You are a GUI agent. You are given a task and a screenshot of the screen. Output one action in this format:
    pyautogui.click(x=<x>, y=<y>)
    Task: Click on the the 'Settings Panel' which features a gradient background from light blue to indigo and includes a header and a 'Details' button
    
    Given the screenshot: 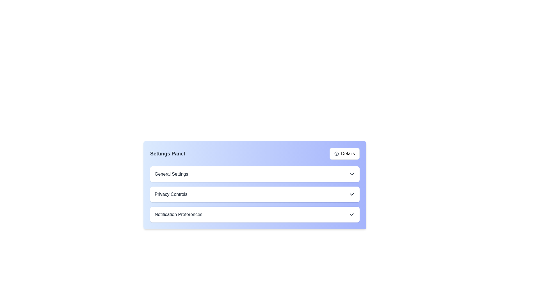 What is the action you would take?
    pyautogui.click(x=254, y=185)
    